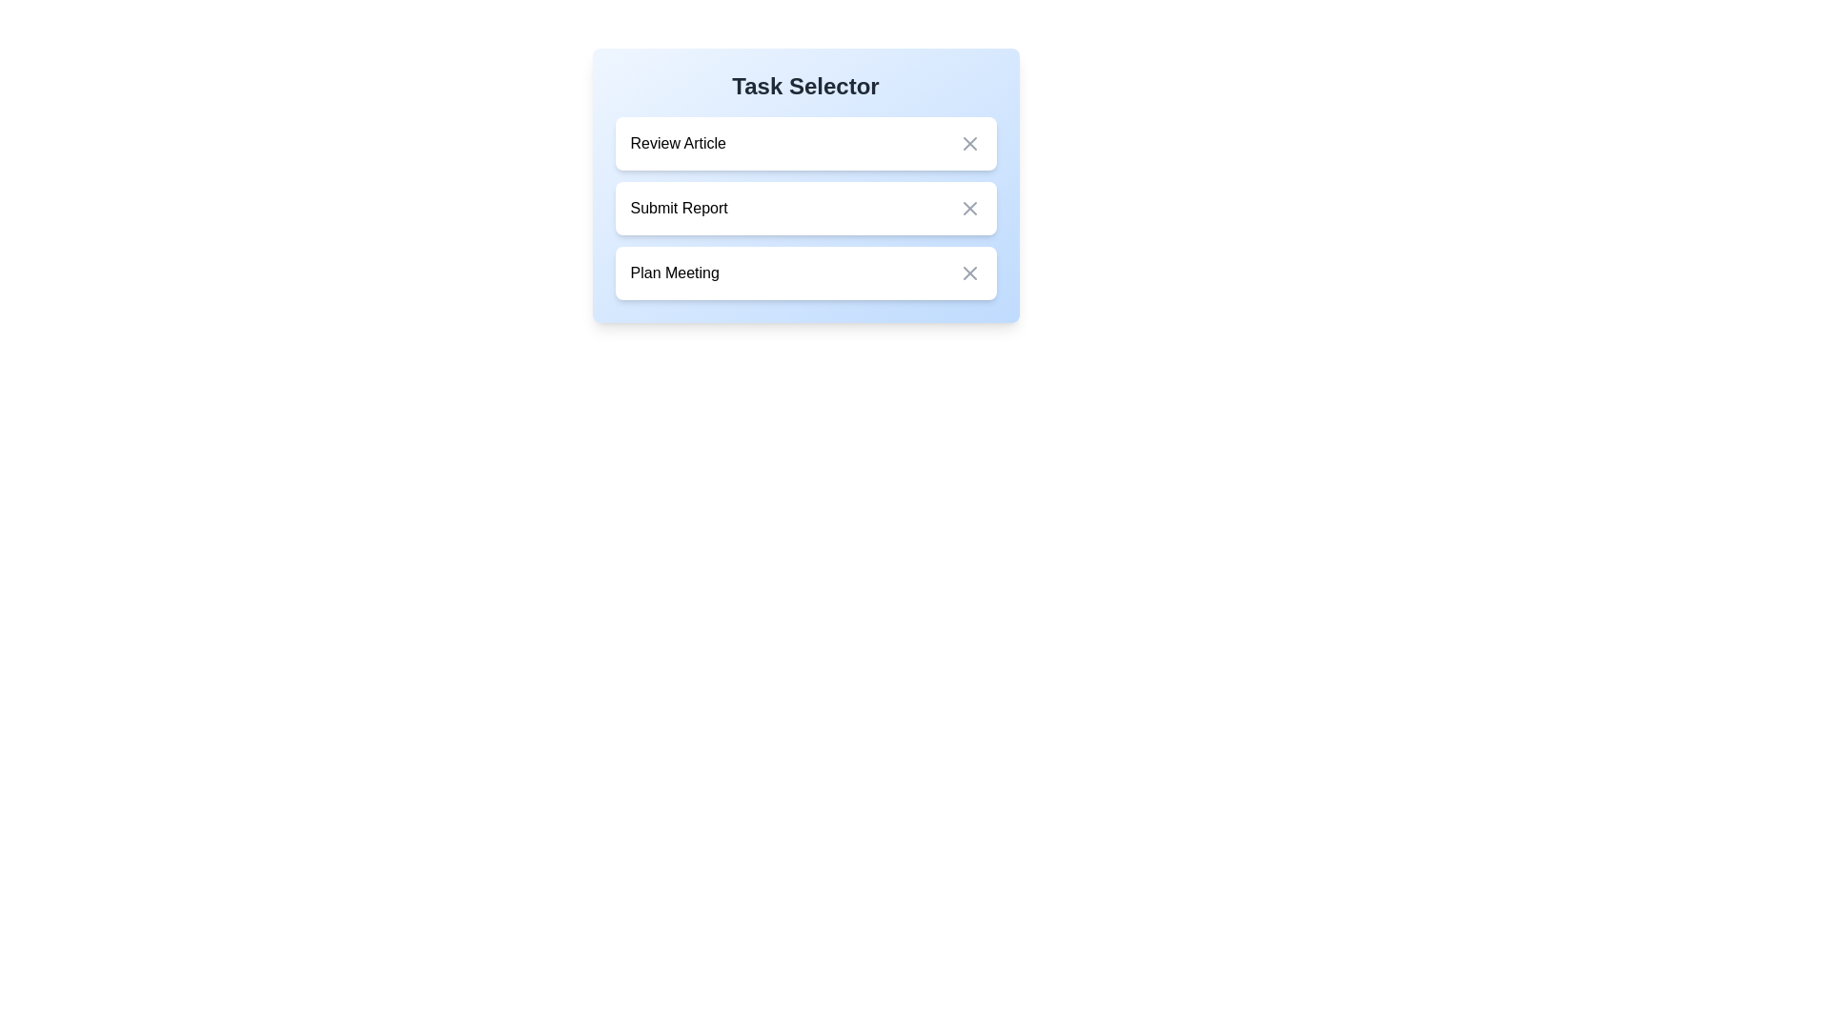  Describe the element at coordinates (805, 87) in the screenshot. I see `the 'Task Selector' static text label, which is prominently displayed at the top of a light blue panel and serves as the heading for the options below it` at that location.